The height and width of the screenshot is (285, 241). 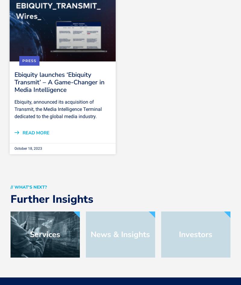 I want to click on 'October 18, 2023', so click(x=28, y=148).